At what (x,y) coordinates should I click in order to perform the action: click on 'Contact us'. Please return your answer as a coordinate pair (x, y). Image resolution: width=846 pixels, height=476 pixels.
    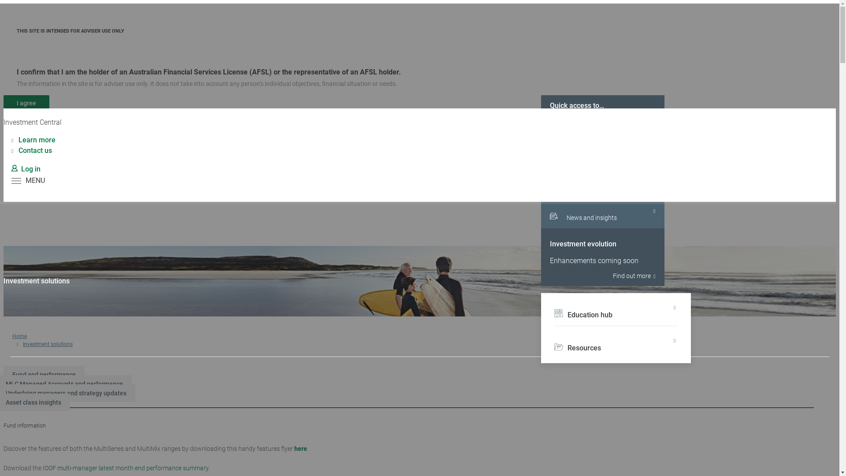
    Looking at the image, I should click on (32, 150).